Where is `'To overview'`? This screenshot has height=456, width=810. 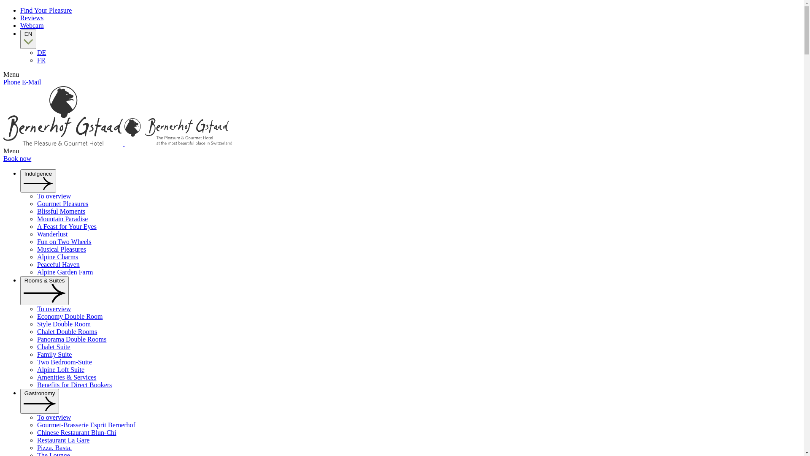 'To overview' is located at coordinates (36, 417).